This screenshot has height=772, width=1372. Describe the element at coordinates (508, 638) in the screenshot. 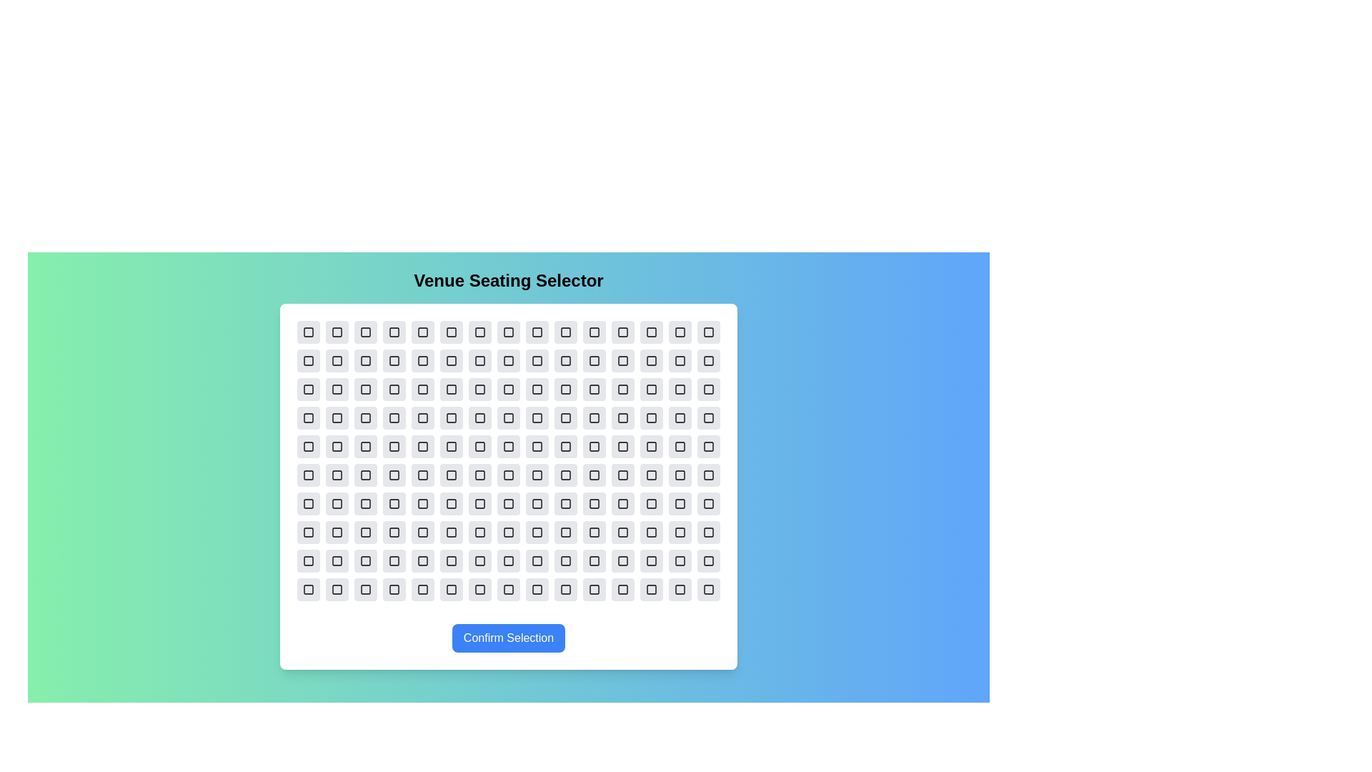

I see `'Confirm Selection' button` at that location.